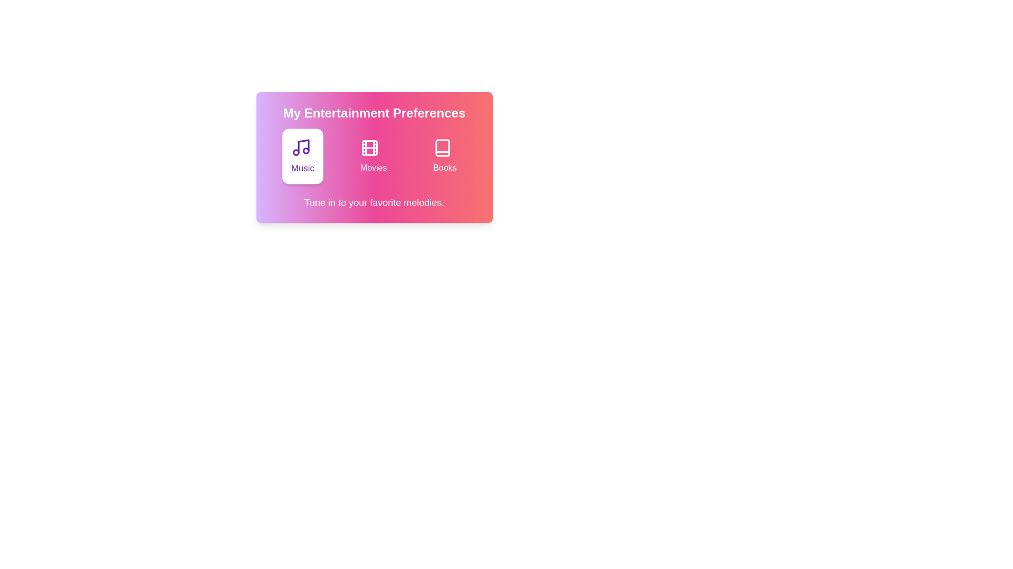  I want to click on the entertainment option Movies by clicking on its button, so click(374, 156).